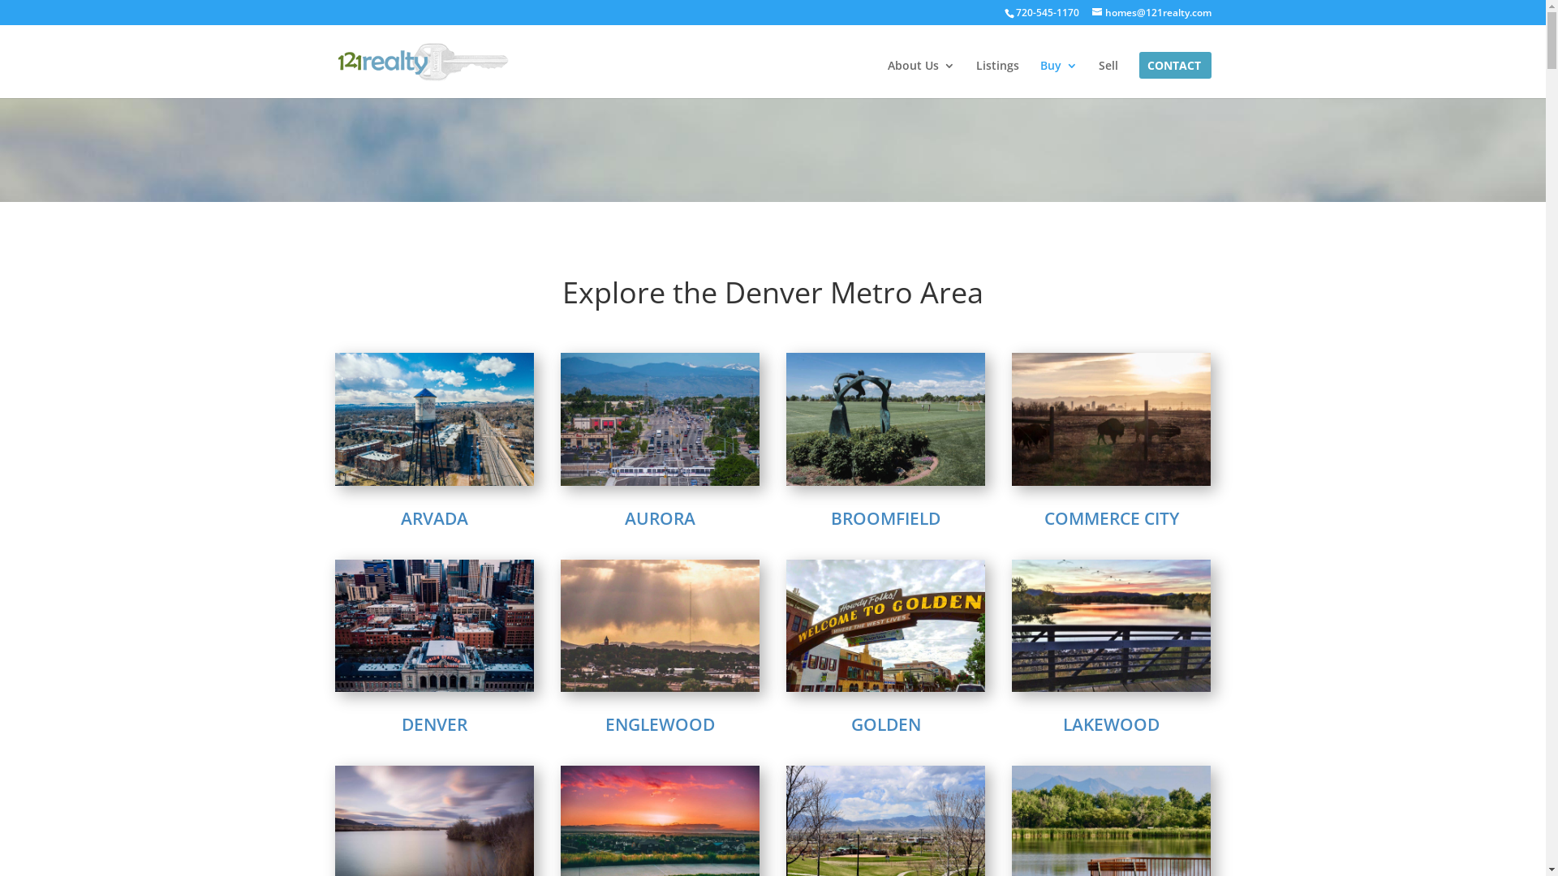 This screenshot has height=876, width=1558. What do you see at coordinates (887, 79) in the screenshot?
I see `'About Us'` at bounding box center [887, 79].